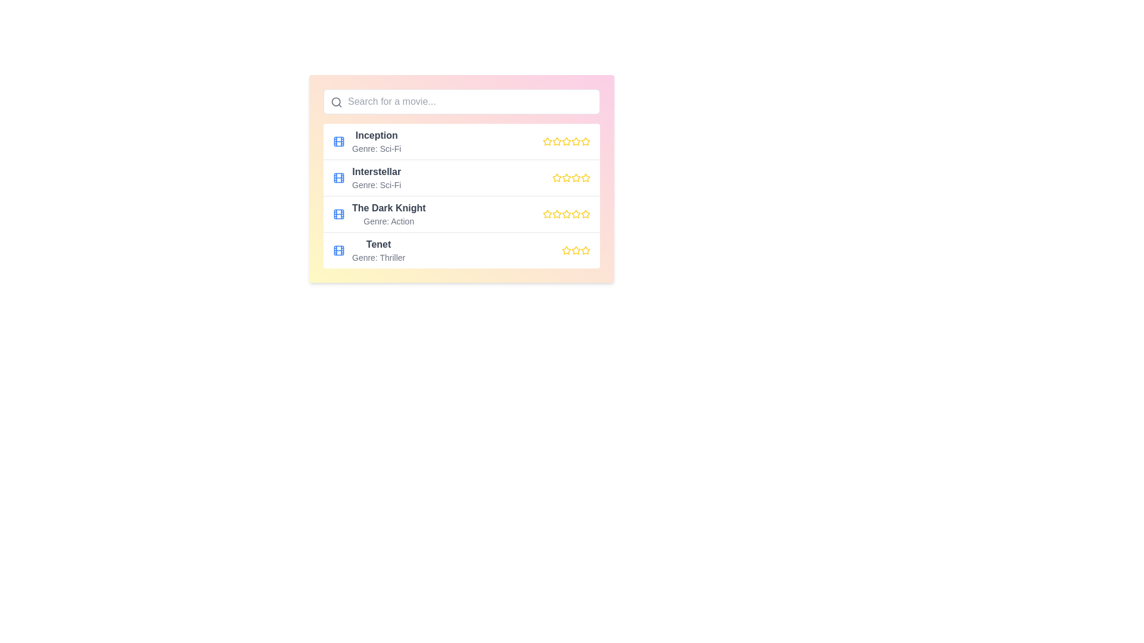  What do you see at coordinates (576, 249) in the screenshot?
I see `the third yellow outlined star icon in the Tenet movie rating row` at bounding box center [576, 249].